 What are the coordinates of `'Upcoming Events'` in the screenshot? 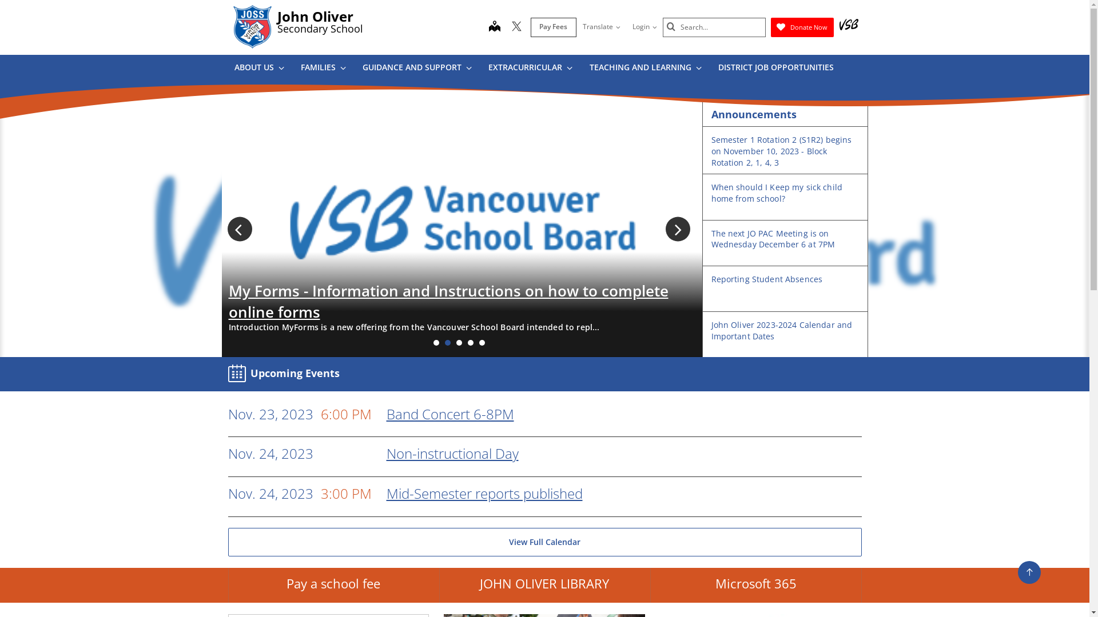 It's located at (286, 374).